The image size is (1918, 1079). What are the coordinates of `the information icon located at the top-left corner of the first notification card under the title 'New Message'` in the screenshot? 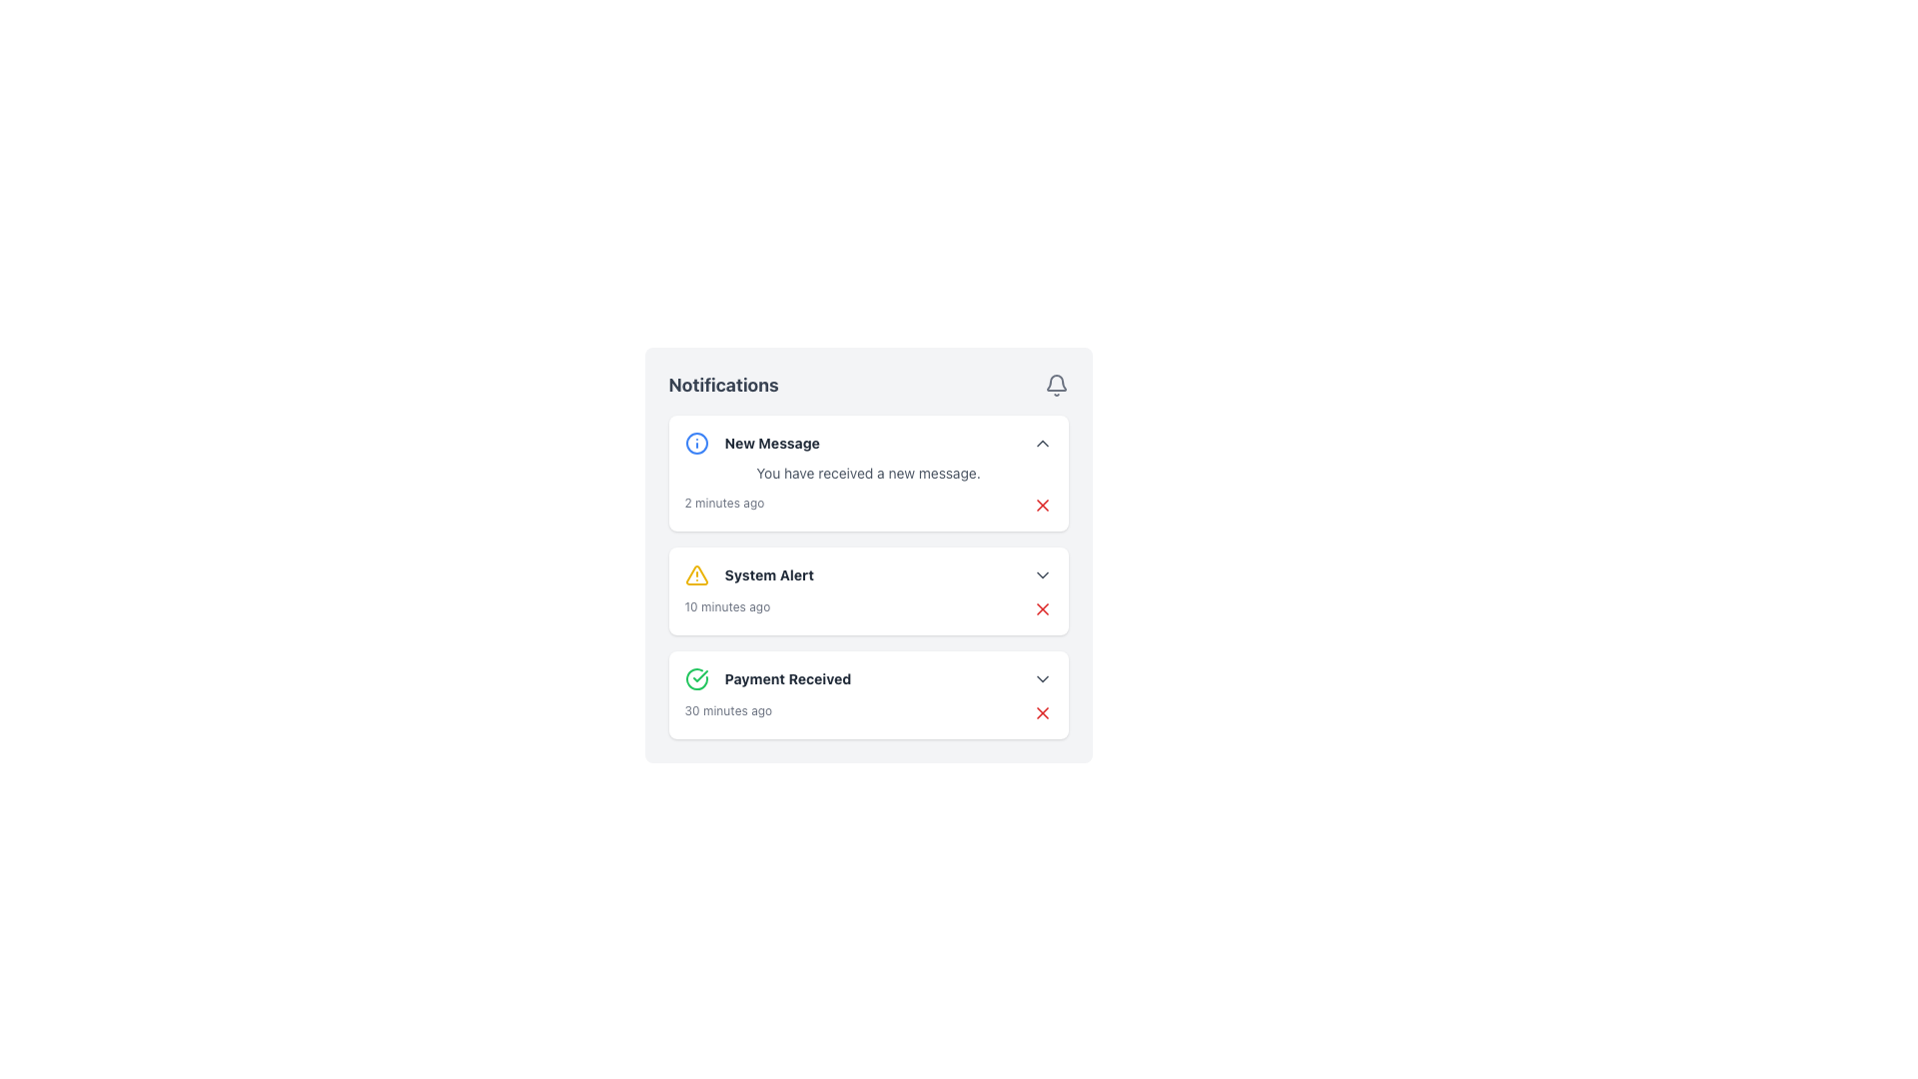 It's located at (696, 442).